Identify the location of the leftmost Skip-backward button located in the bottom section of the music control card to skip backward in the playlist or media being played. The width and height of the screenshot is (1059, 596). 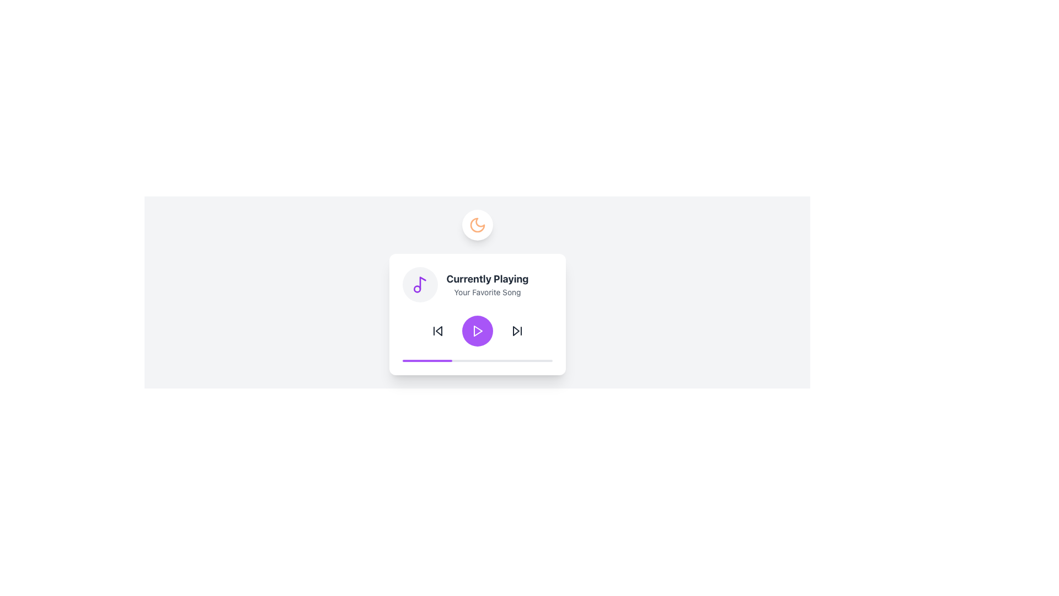
(437, 331).